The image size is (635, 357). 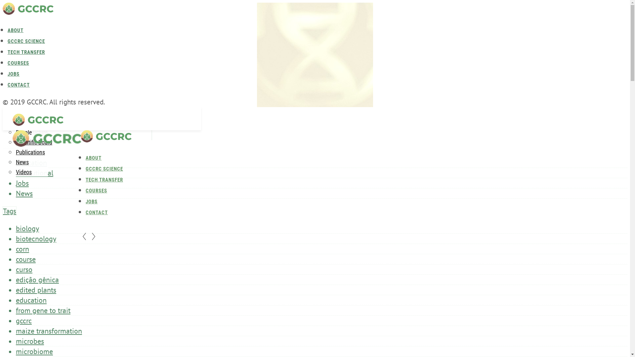 I want to click on 'ABOUT', so click(x=16, y=30).